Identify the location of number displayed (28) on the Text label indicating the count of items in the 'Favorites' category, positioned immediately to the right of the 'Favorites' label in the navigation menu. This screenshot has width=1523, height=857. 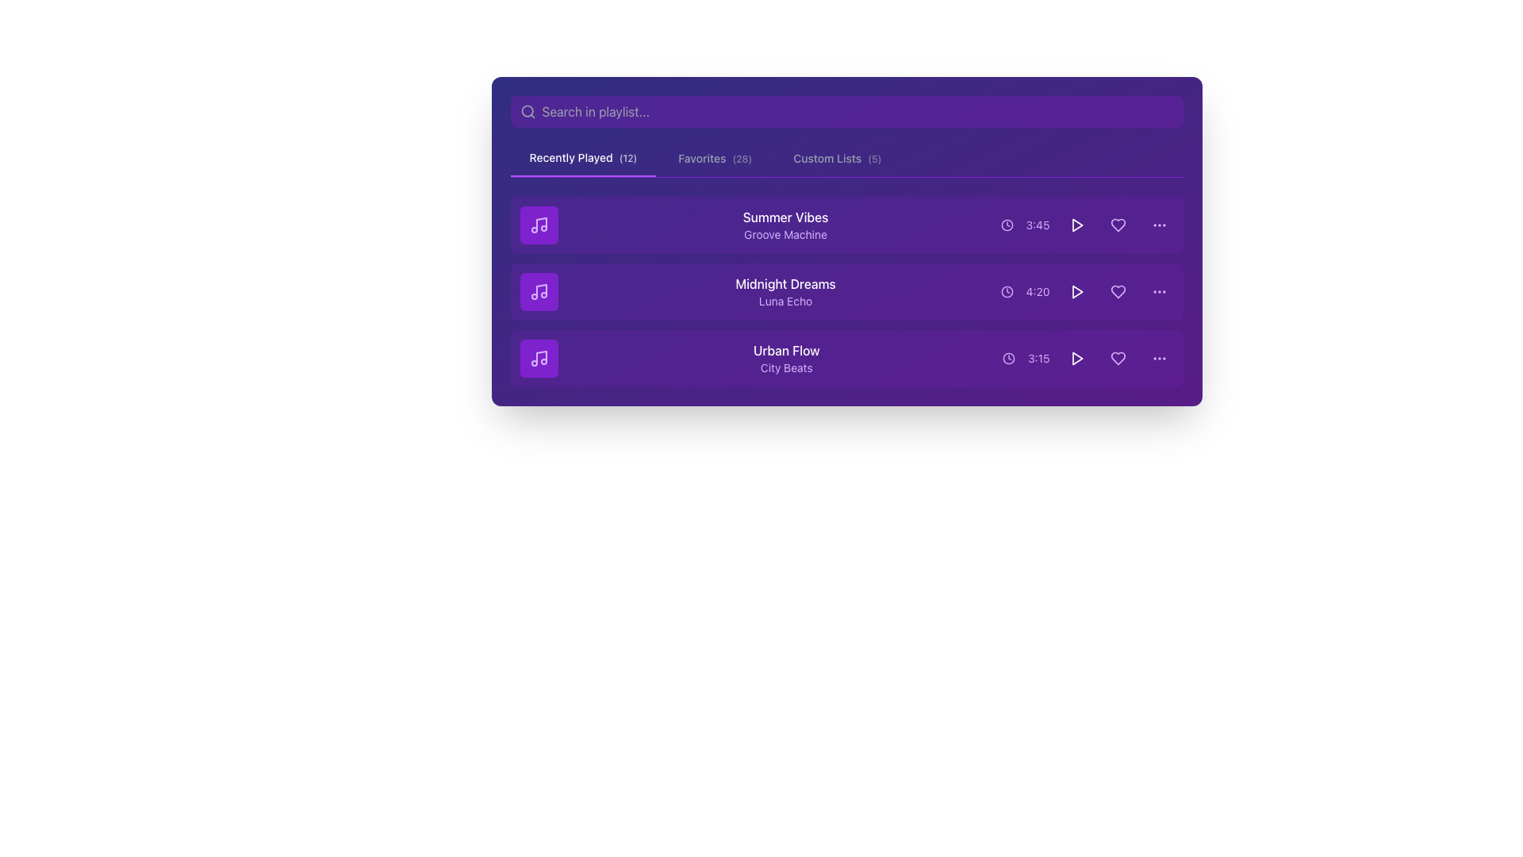
(741, 159).